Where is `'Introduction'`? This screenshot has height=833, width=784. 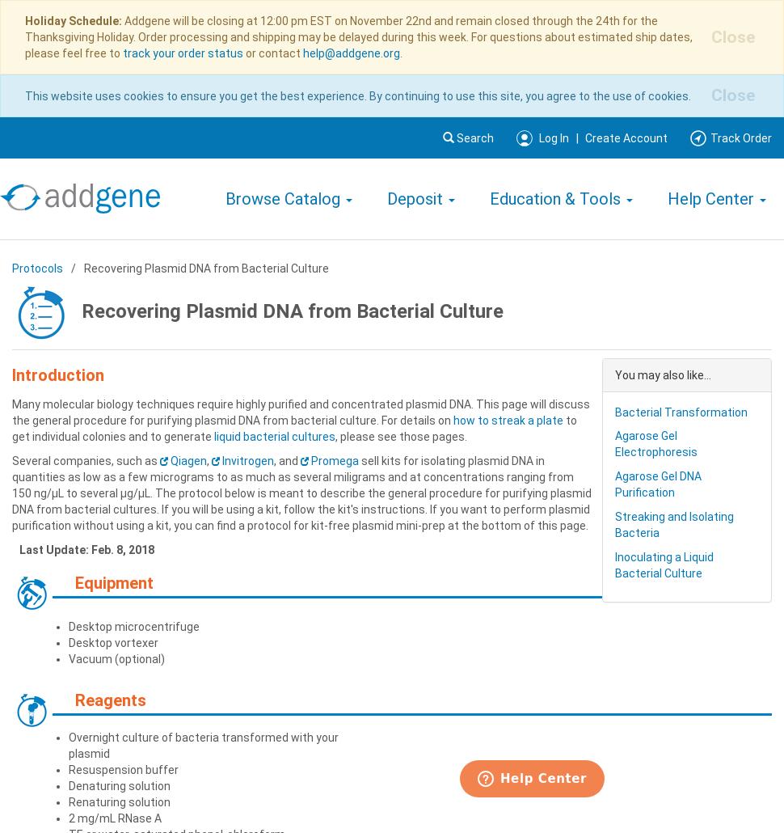
'Introduction' is located at coordinates (57, 373).